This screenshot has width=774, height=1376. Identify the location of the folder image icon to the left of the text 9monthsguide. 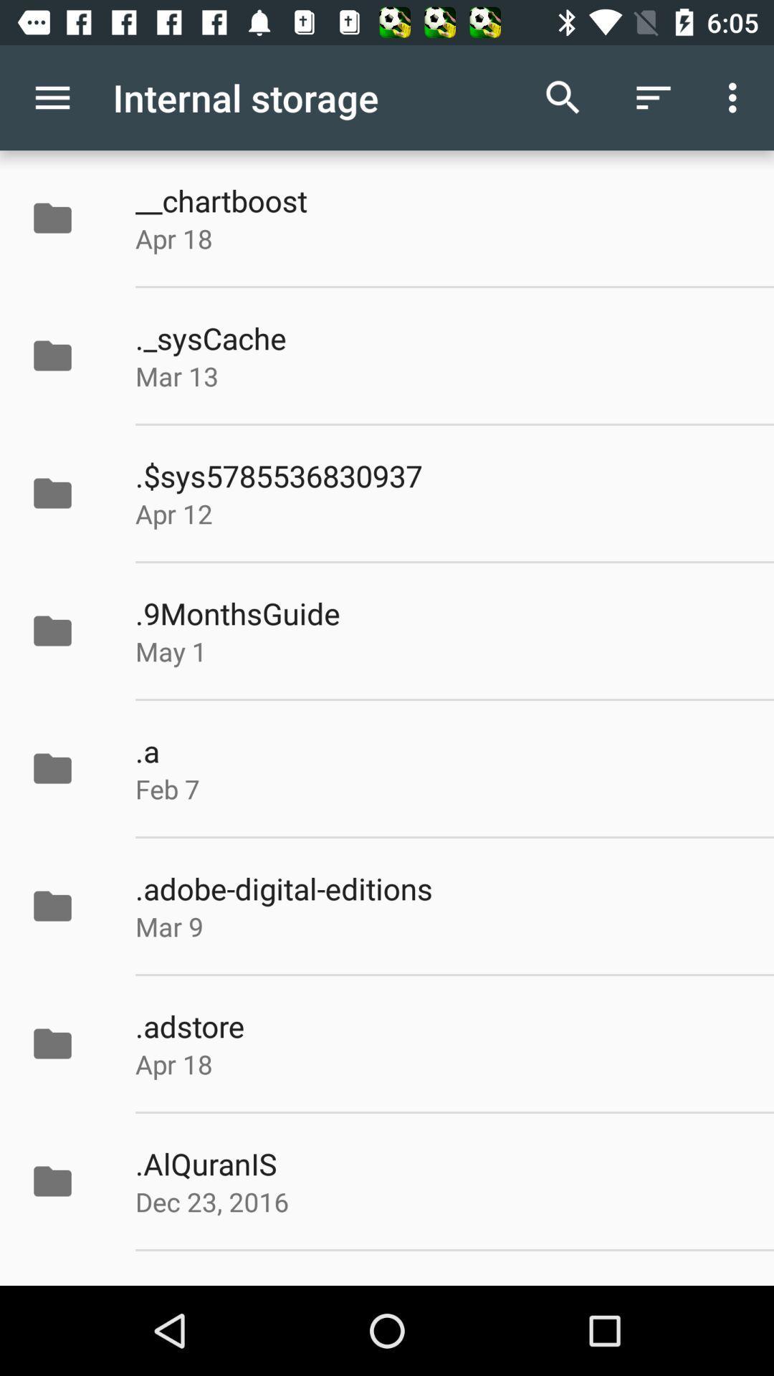
(52, 631).